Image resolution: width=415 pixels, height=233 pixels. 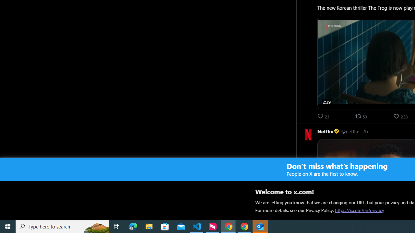 I want to click on '23 Replies. Reply', so click(x=324, y=116).